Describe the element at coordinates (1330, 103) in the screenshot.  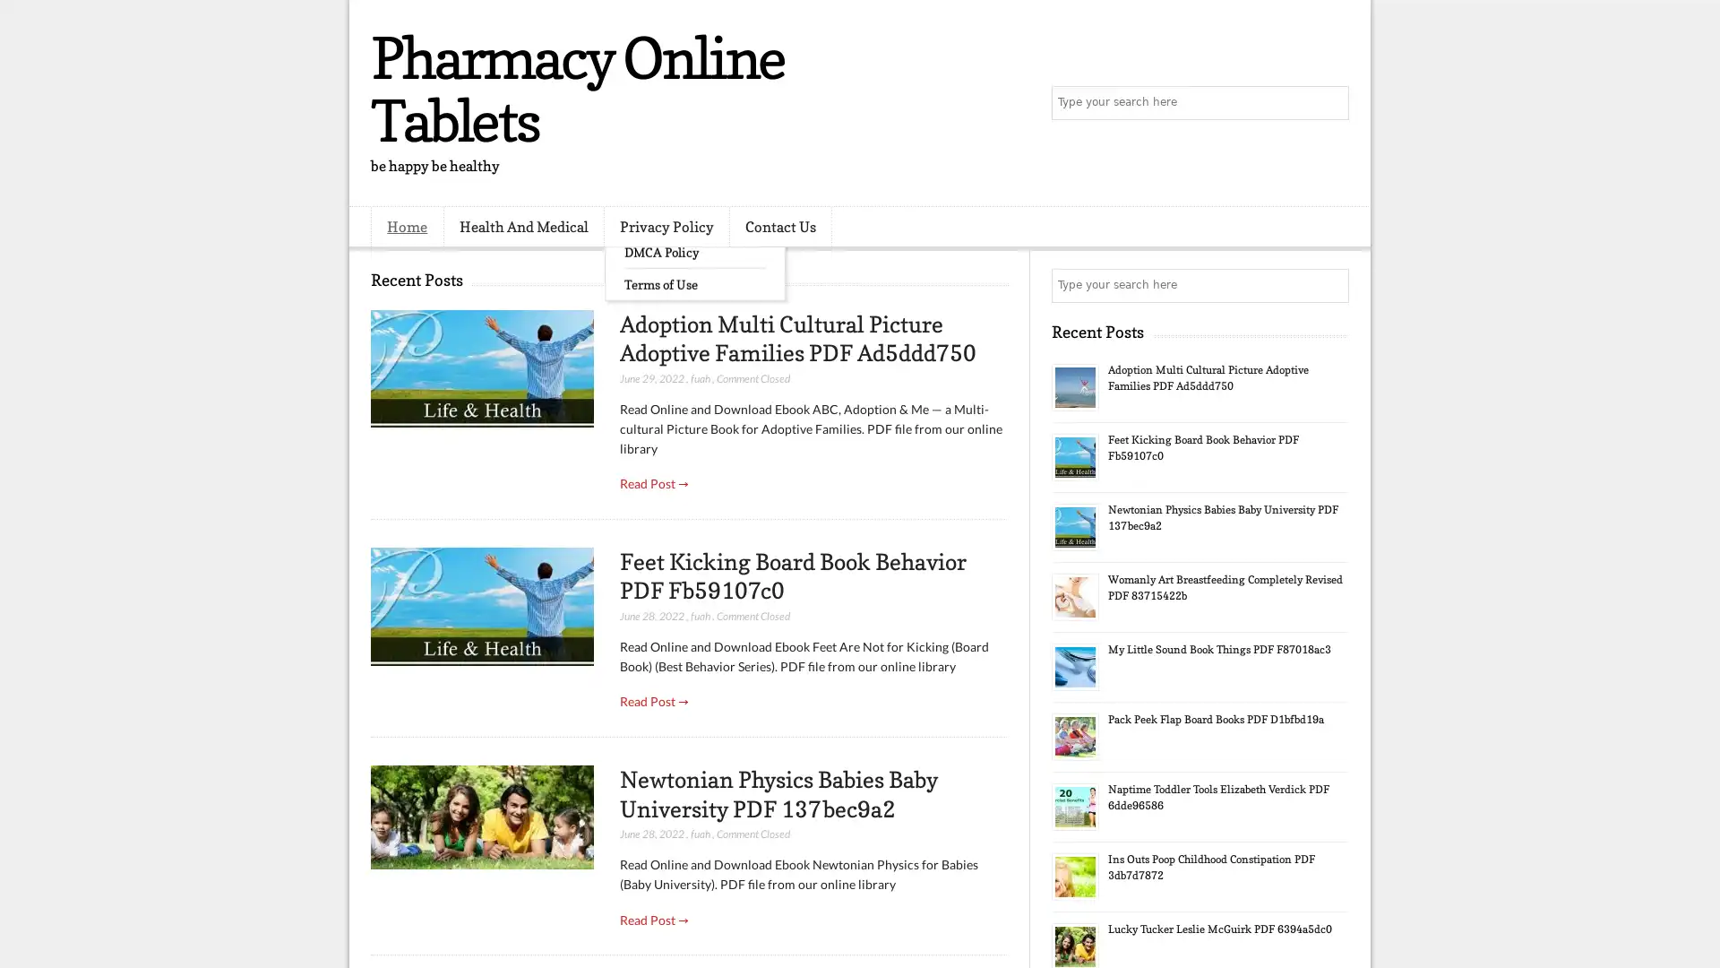
I see `Search` at that location.